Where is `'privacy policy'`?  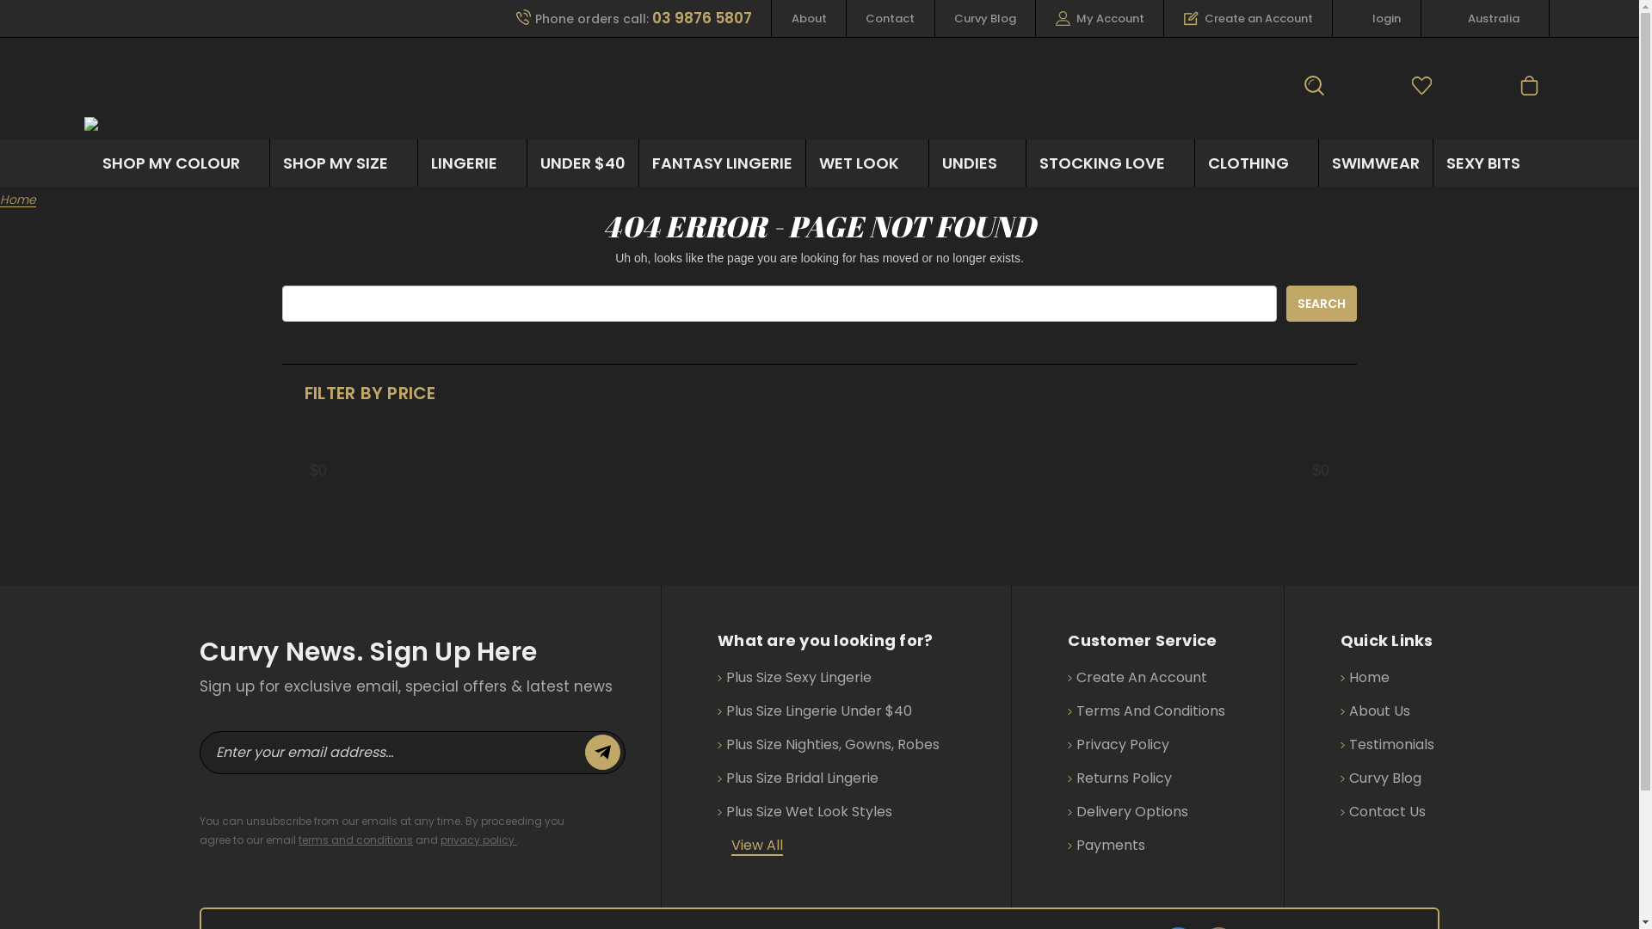
'privacy policy' is located at coordinates (478, 839).